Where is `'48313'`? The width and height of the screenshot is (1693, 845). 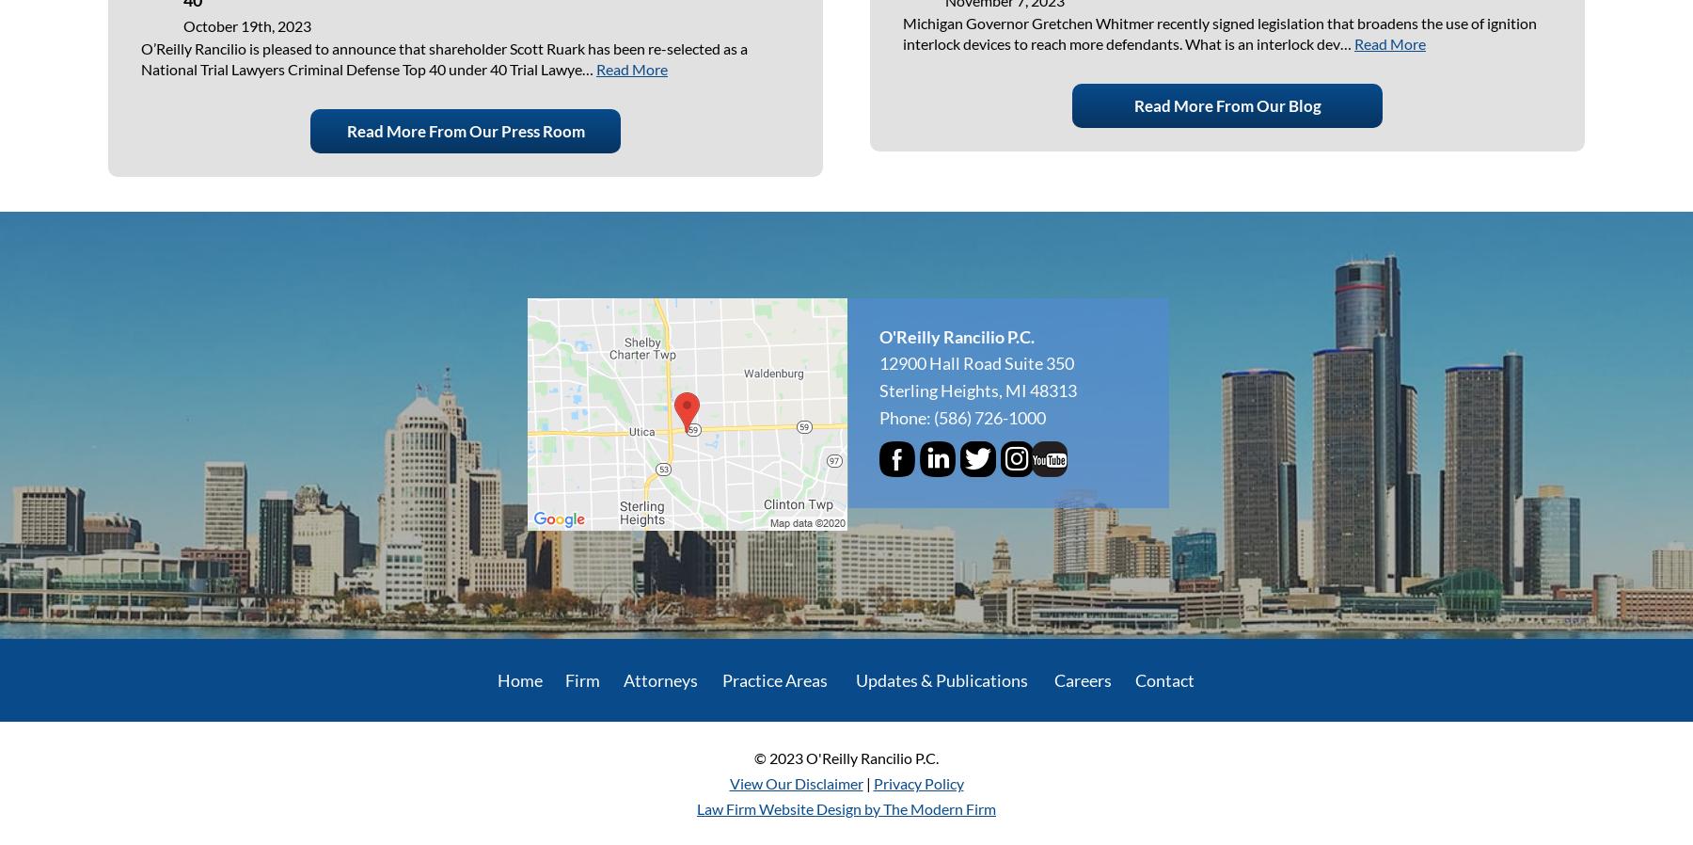 '48313' is located at coordinates (1052, 390).